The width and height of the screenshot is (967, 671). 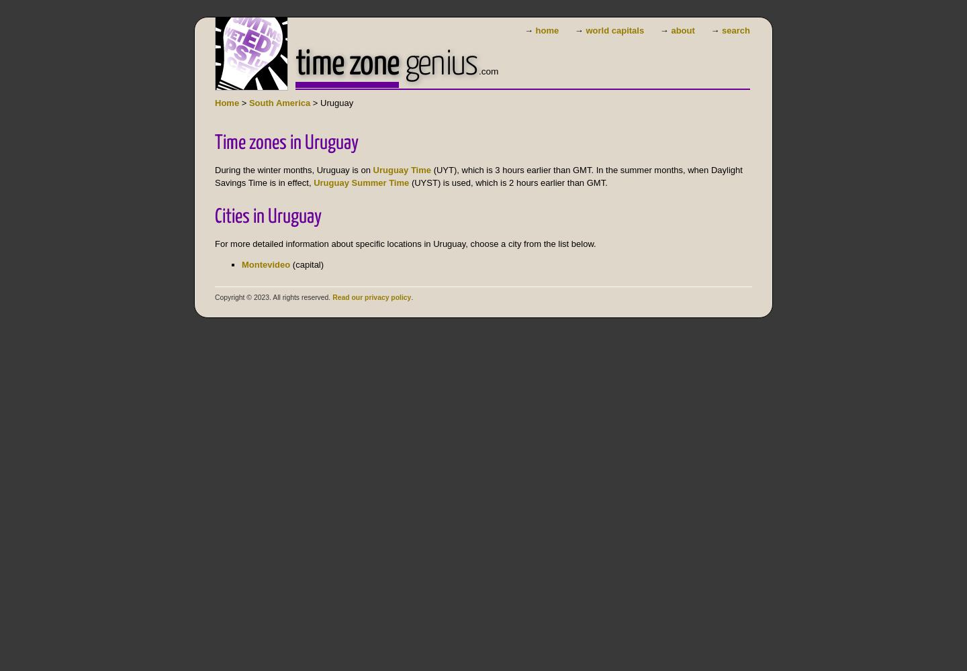 I want to click on 'Uruguay Summer Time', so click(x=360, y=183).